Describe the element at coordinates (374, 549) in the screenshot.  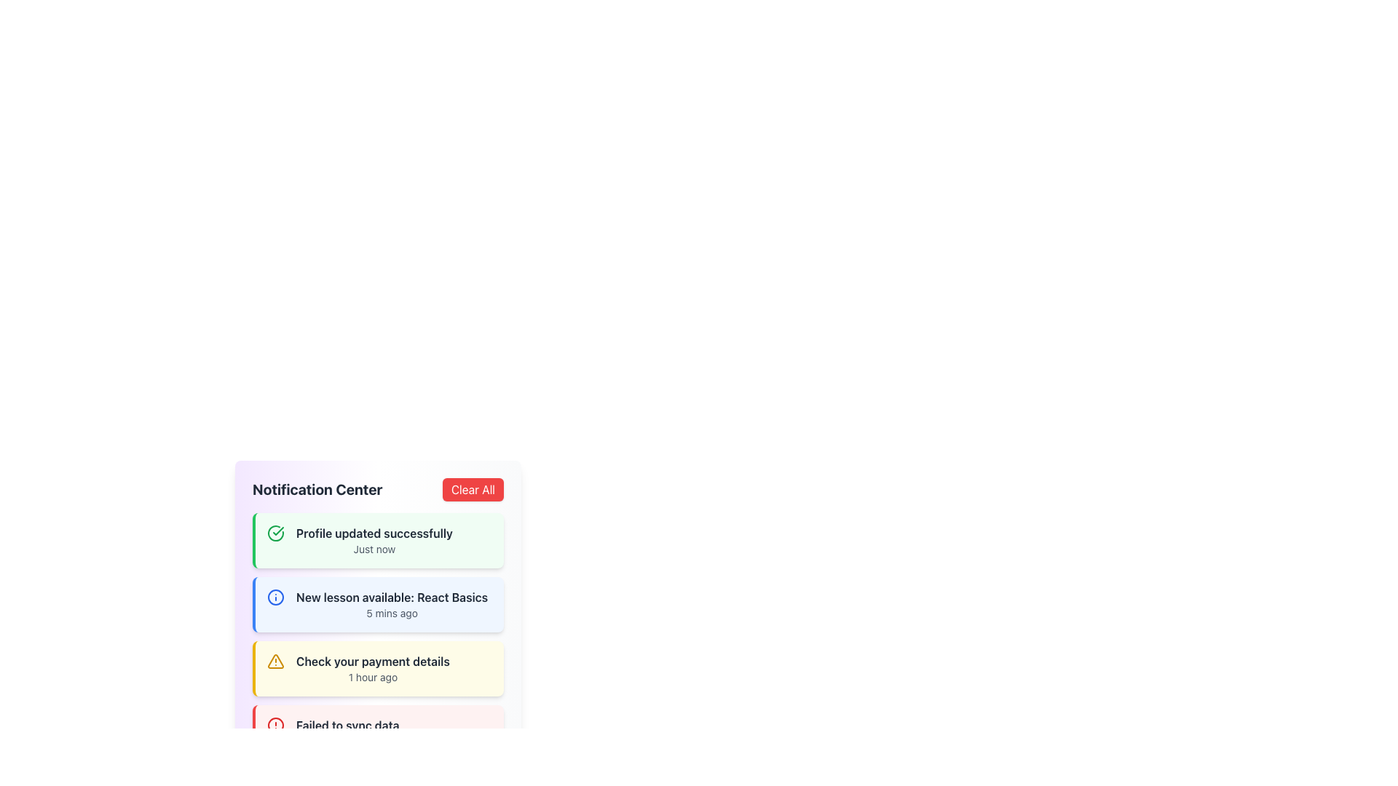
I see `the text label indicating the notification time 'Just now', which is positioned directly beneath 'Profile updated successfully' within the notification center` at that location.